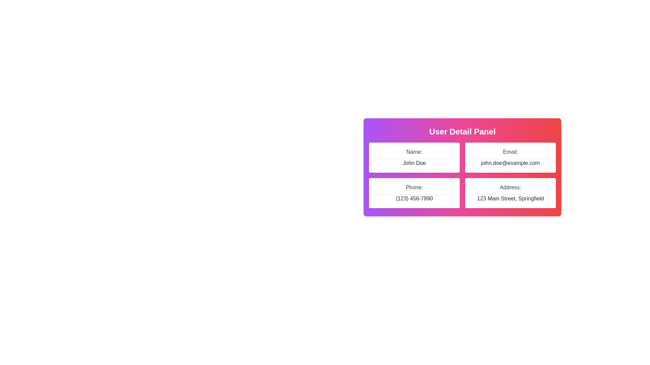 This screenshot has width=650, height=365. Describe the element at coordinates (414, 188) in the screenshot. I see `the label indicating the purpose of the phone number, located above the value '(123) 456-7890' in the 'Phone:' section of the user detail panel` at that location.